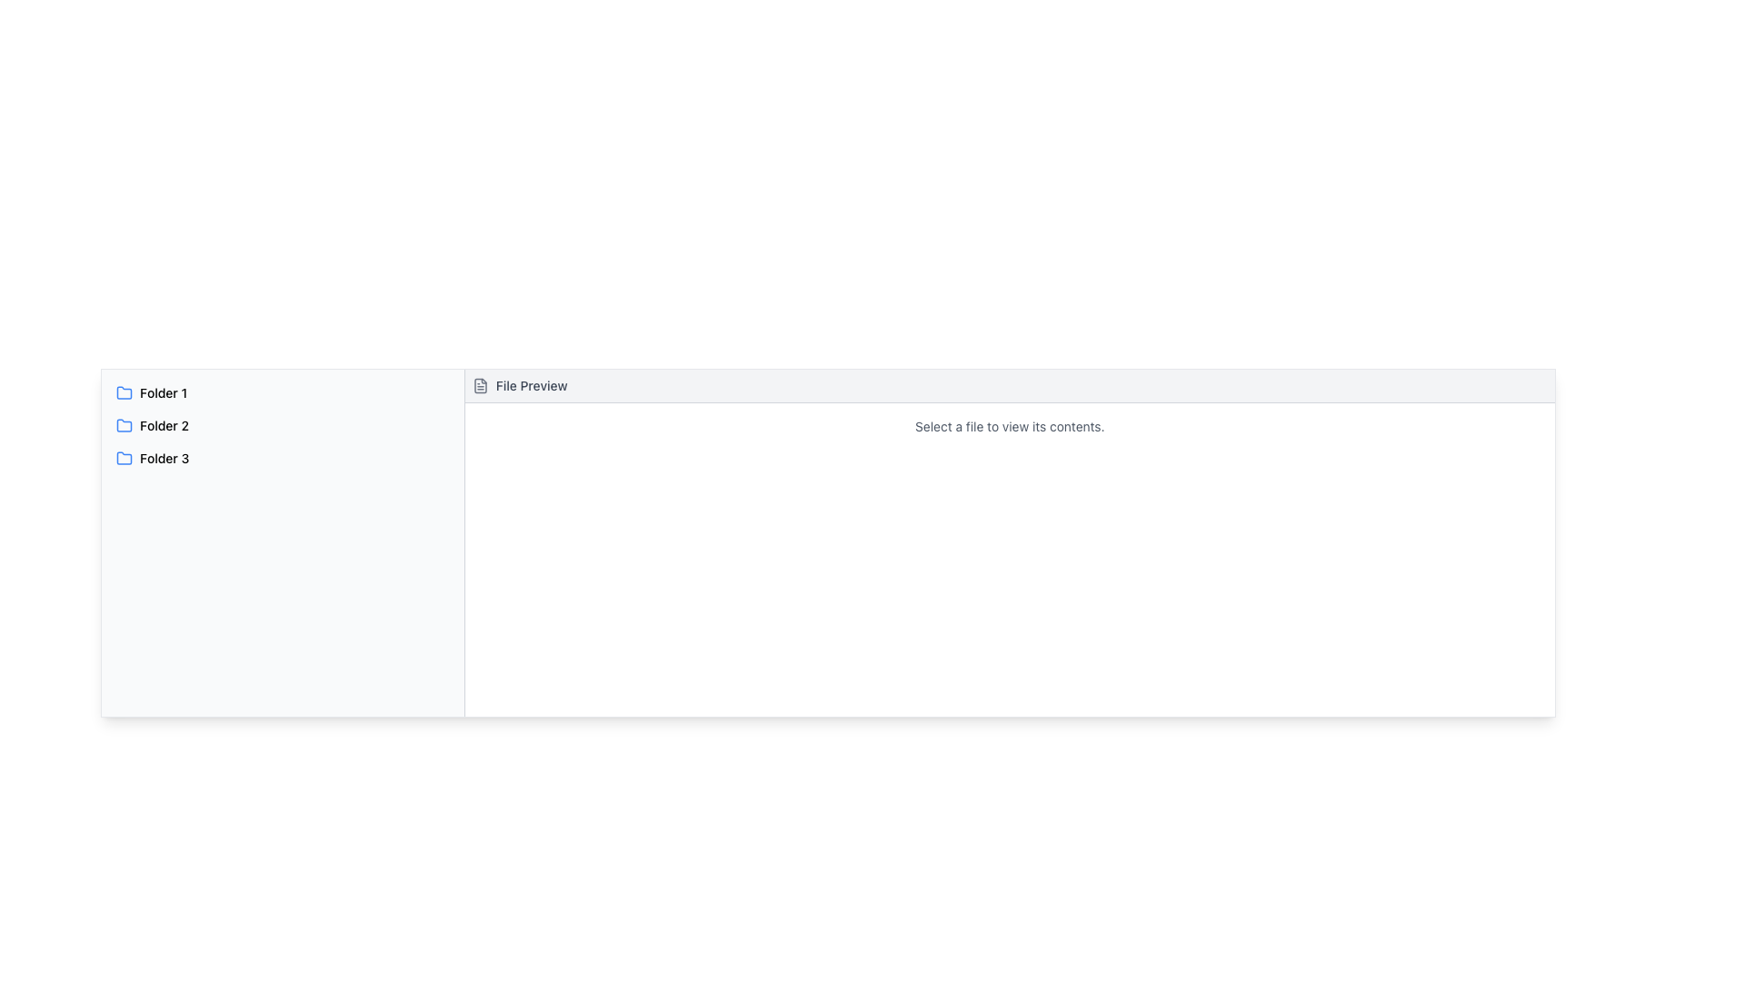  I want to click on the 'Folder 2' list item, which is the second entry in the vertical list of folders, so click(282, 426).